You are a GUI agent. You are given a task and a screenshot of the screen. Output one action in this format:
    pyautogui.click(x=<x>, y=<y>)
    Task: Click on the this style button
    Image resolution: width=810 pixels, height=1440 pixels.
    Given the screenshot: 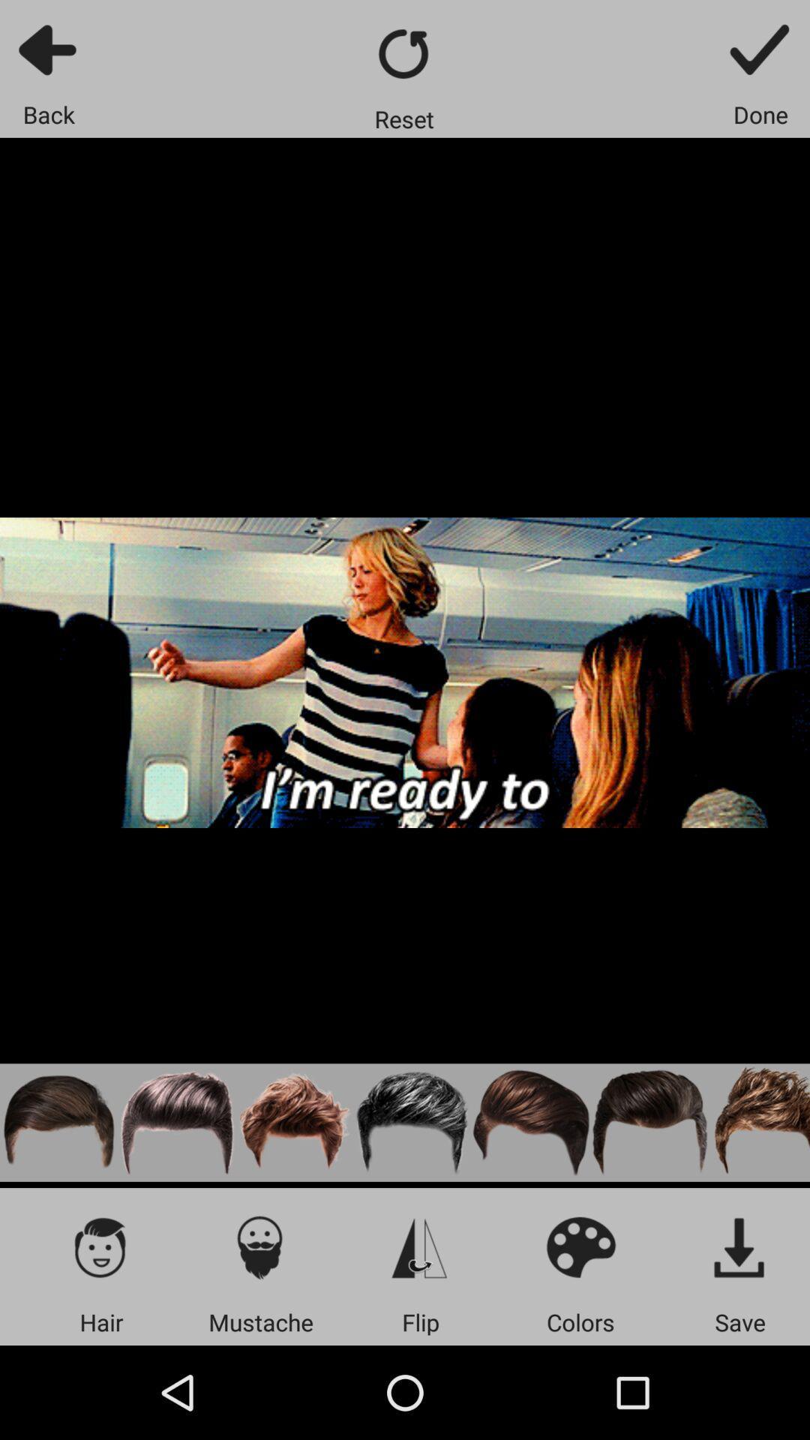 What is the action you would take?
    pyautogui.click(x=413, y=1123)
    